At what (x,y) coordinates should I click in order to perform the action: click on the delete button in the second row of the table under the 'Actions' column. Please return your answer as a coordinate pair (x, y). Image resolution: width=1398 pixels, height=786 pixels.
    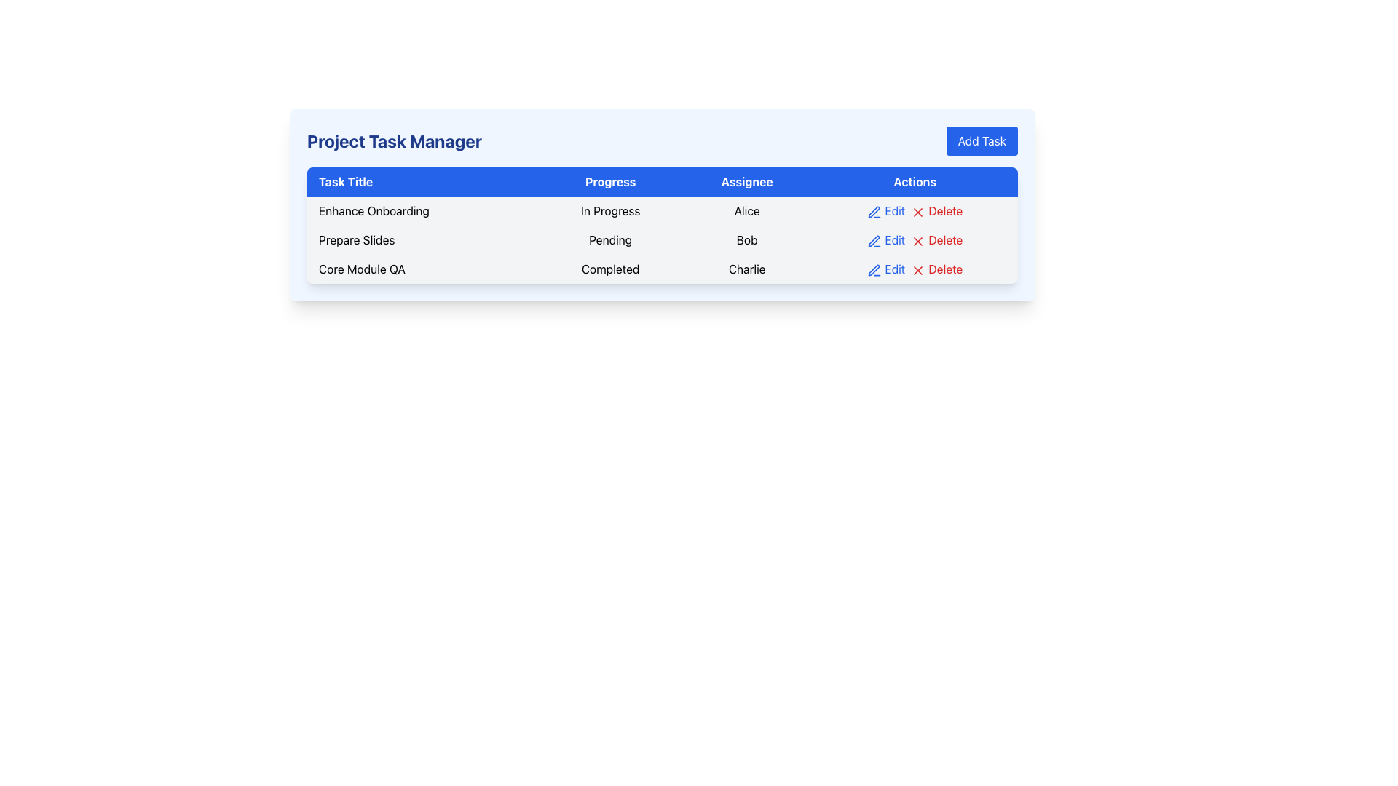
    Looking at the image, I should click on (936, 239).